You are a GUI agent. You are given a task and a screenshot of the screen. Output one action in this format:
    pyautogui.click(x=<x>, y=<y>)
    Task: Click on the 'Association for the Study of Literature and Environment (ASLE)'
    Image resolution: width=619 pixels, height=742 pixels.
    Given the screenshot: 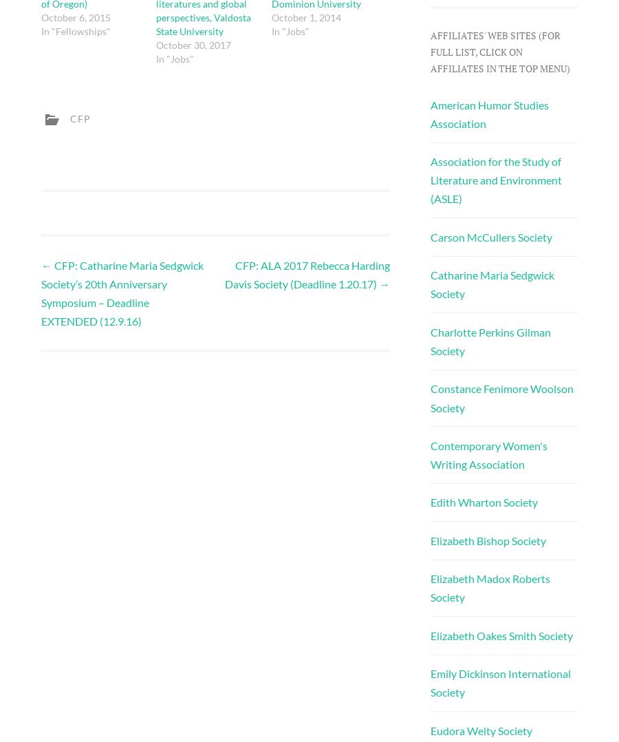 What is the action you would take?
    pyautogui.click(x=495, y=179)
    